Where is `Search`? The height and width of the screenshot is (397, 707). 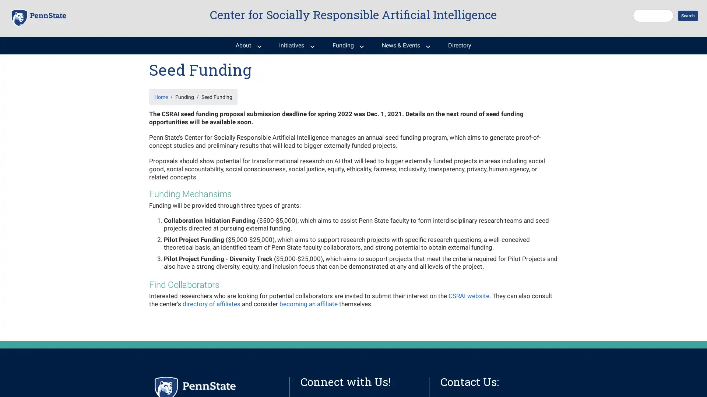
Search is located at coordinates (687, 15).